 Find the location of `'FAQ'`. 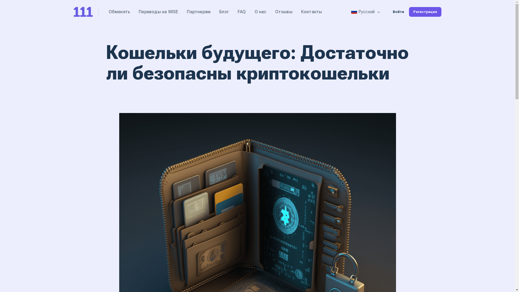

'FAQ' is located at coordinates (241, 12).